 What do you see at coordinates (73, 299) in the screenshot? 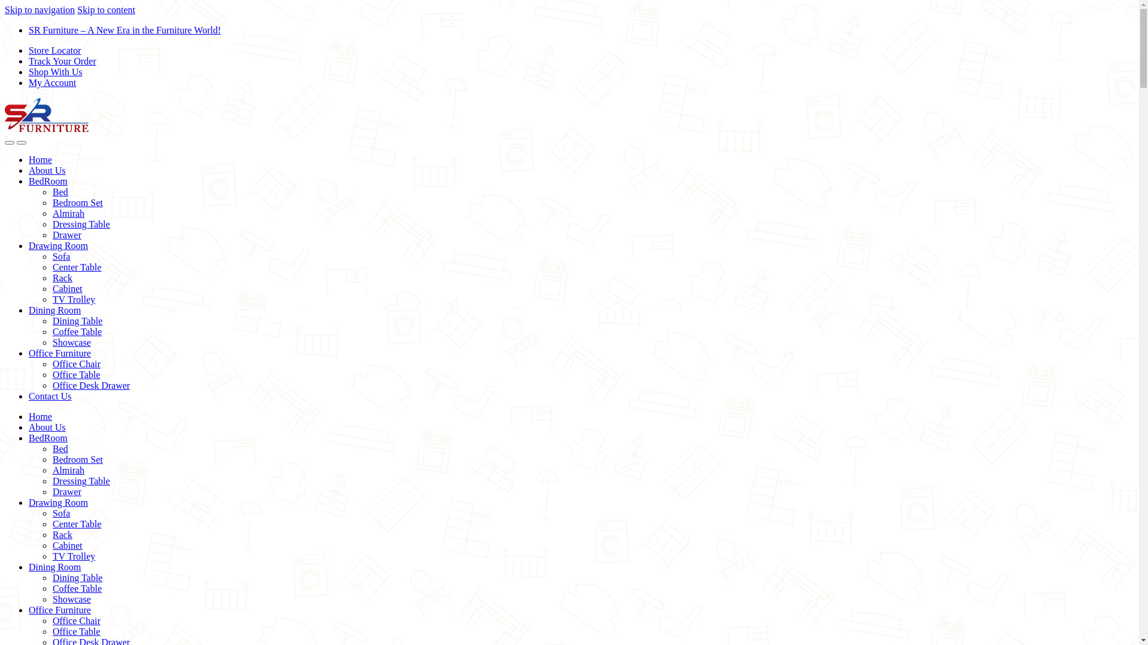
I see `'TV Trolley'` at bounding box center [73, 299].